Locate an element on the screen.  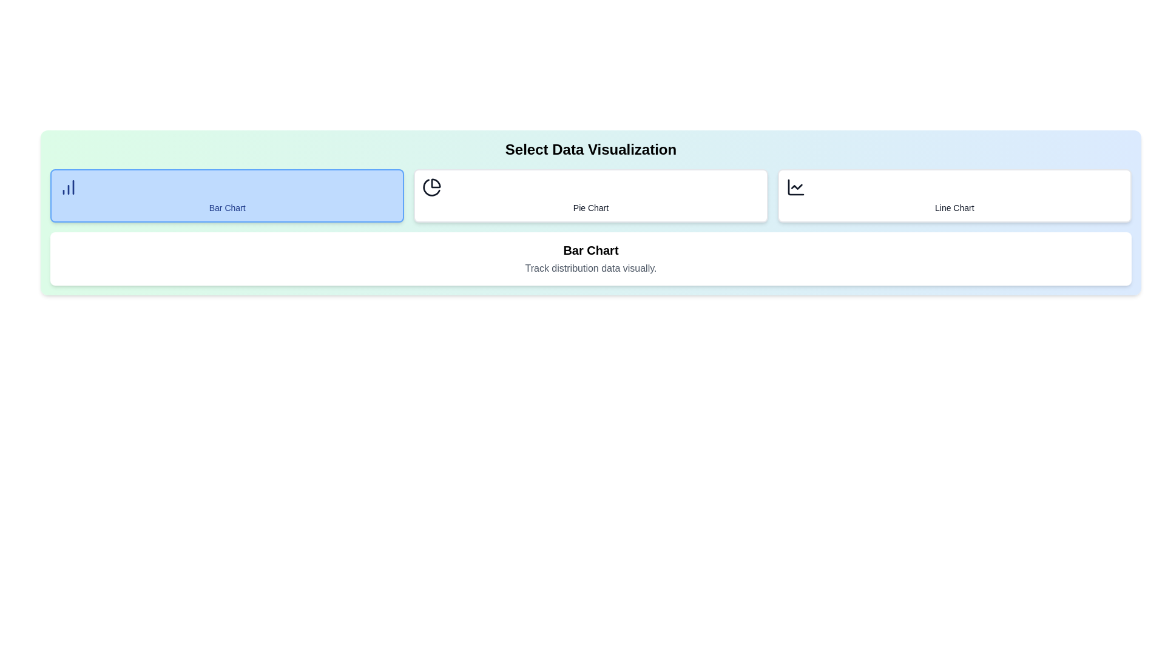
the header text element reading 'Select Data Visualization', which is styled with a larger bold font and centrally aligned within a gradient background is located at coordinates (591, 149).